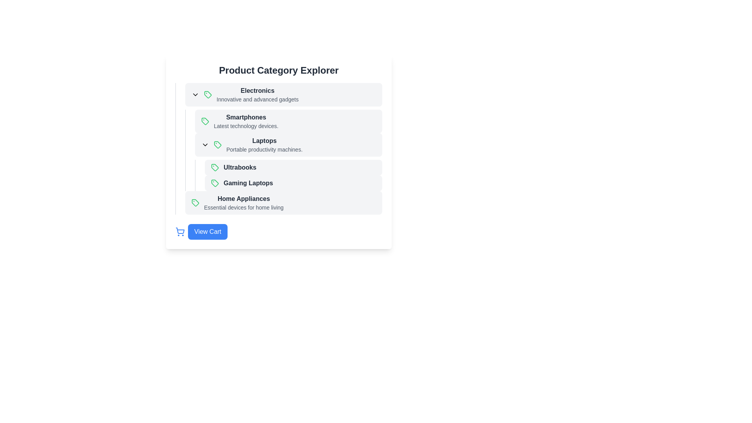  What do you see at coordinates (257, 90) in the screenshot?
I see `text label displaying 'Electronics' in bold font, located above the description 'Innovative and advanced gadgets' within the 'Product Category Explorer' section` at bounding box center [257, 90].